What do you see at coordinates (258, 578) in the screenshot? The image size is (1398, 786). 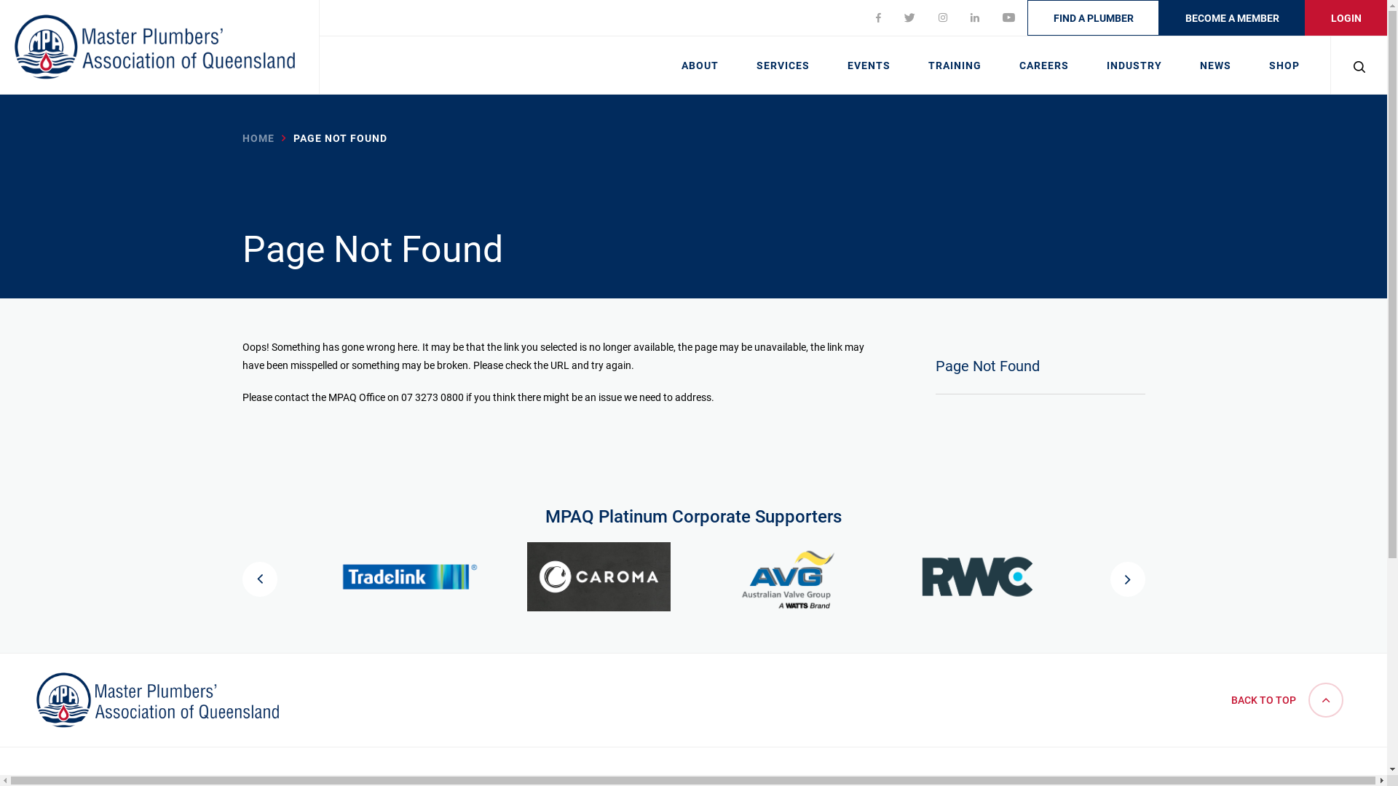 I see `'Previous'` at bounding box center [258, 578].